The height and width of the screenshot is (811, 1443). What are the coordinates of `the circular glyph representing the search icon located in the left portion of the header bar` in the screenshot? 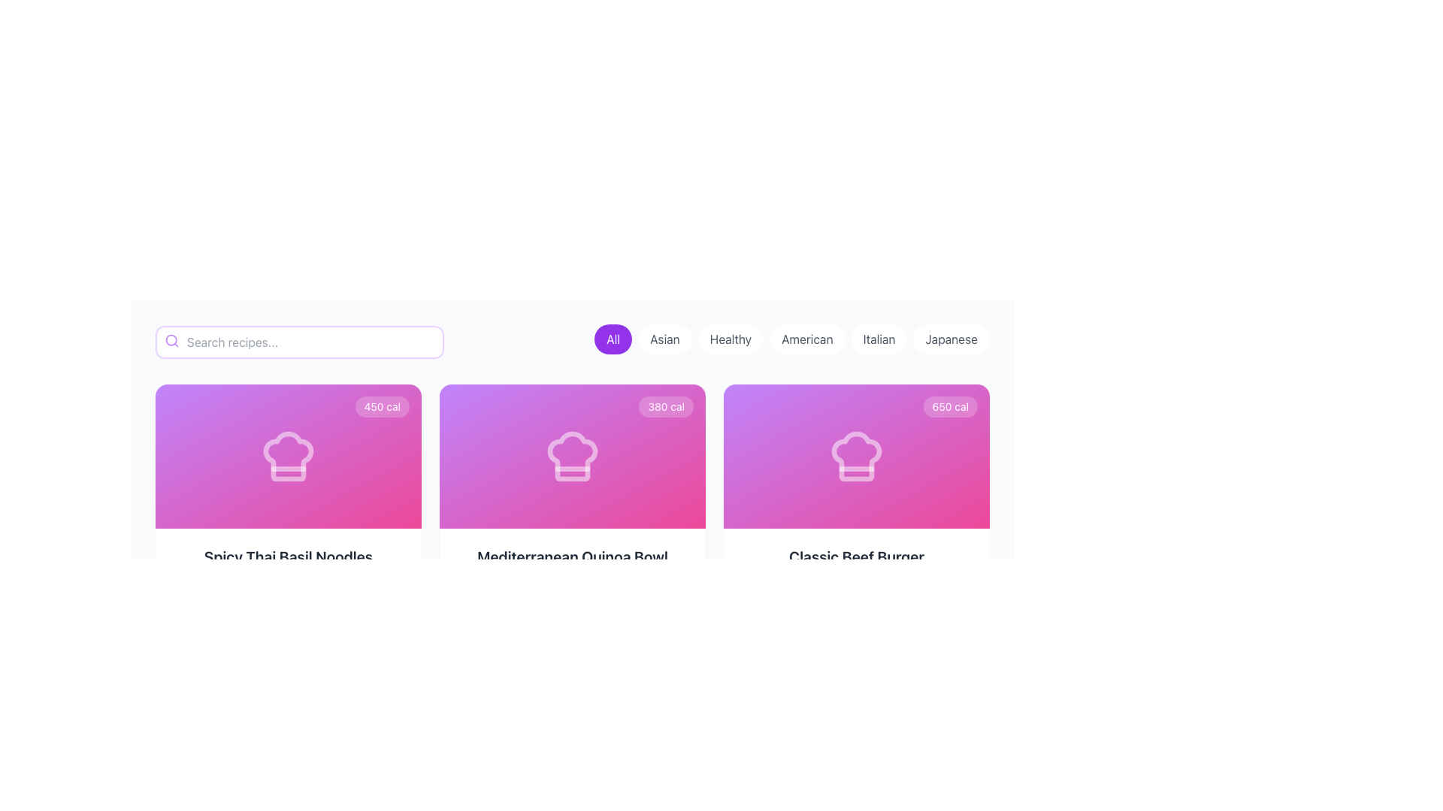 It's located at (171, 340).